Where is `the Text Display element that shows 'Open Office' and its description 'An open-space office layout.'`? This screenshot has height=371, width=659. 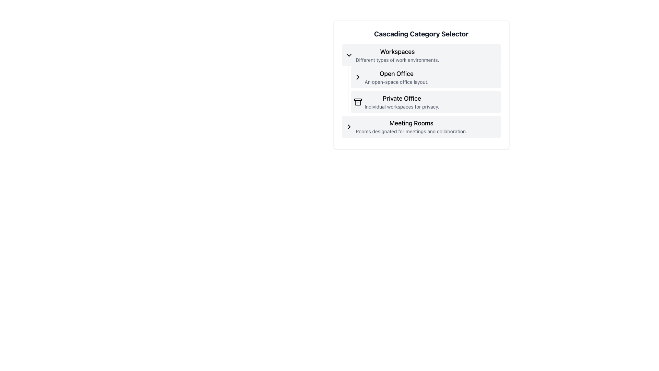 the Text Display element that shows 'Open Office' and its description 'An open-space office layout.' is located at coordinates (396, 77).